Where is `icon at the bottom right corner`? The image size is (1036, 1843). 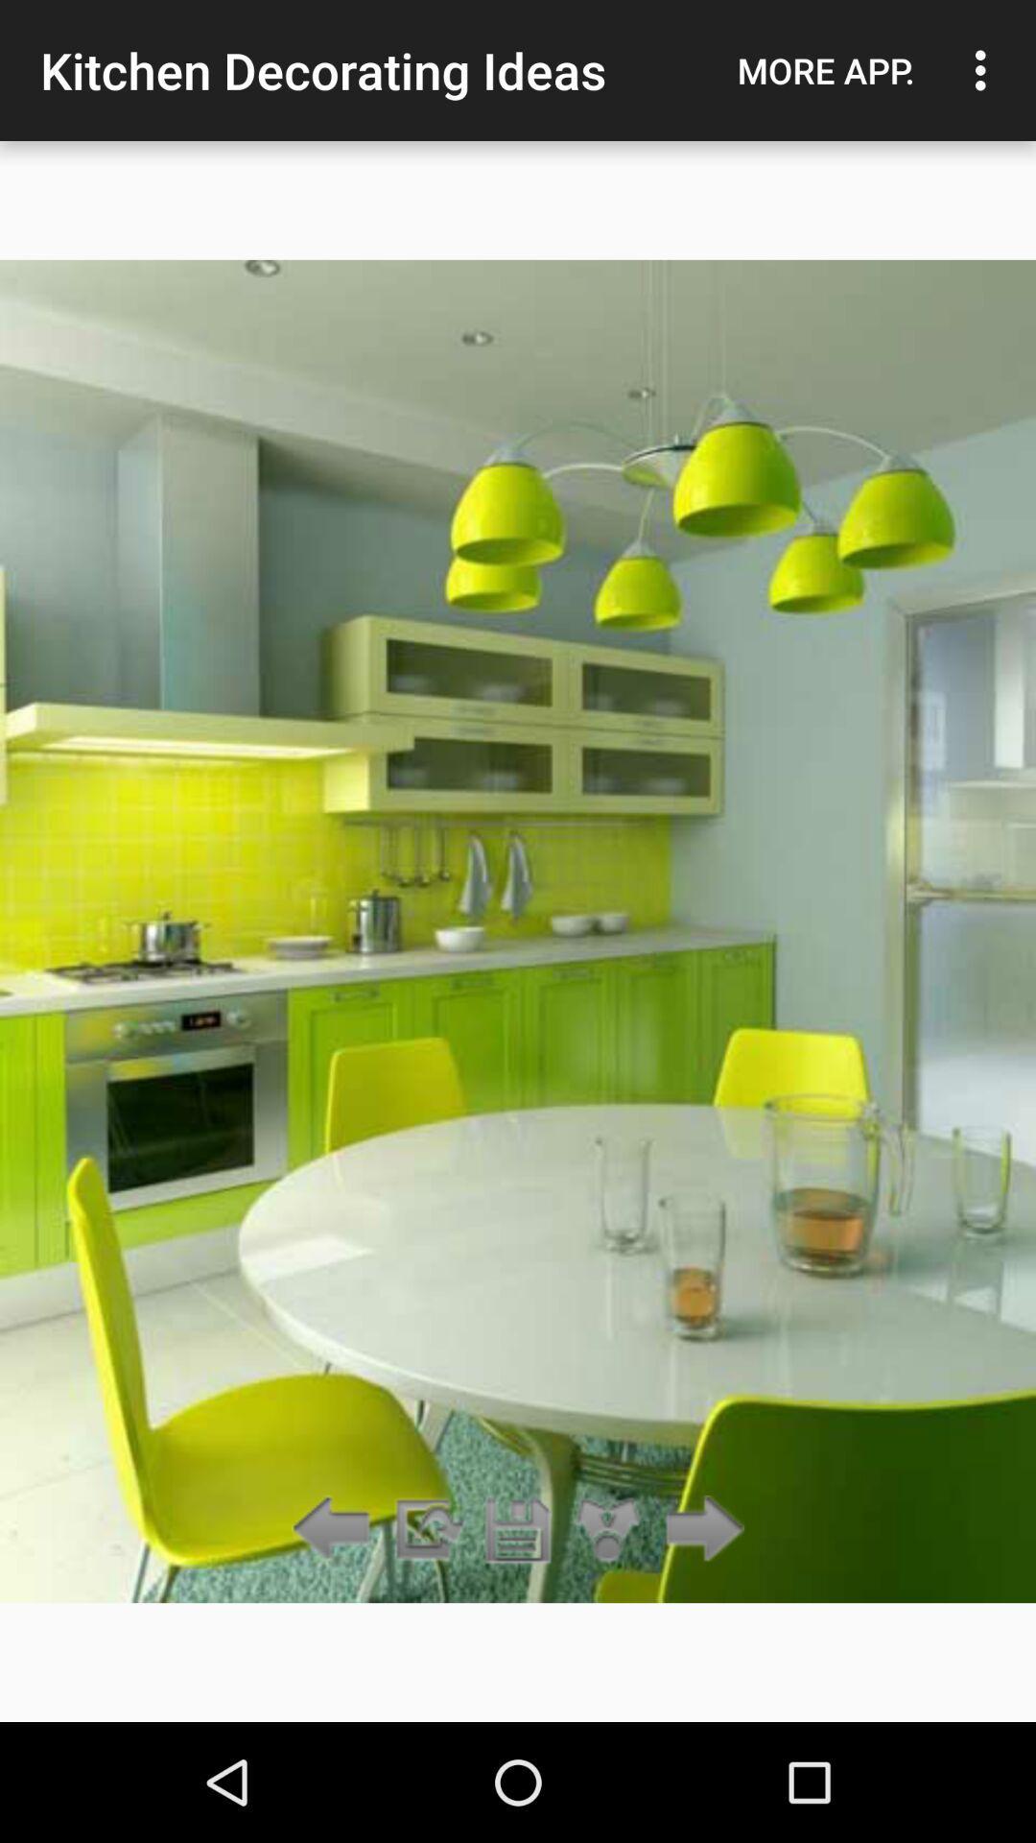
icon at the bottom right corner is located at coordinates (699, 1529).